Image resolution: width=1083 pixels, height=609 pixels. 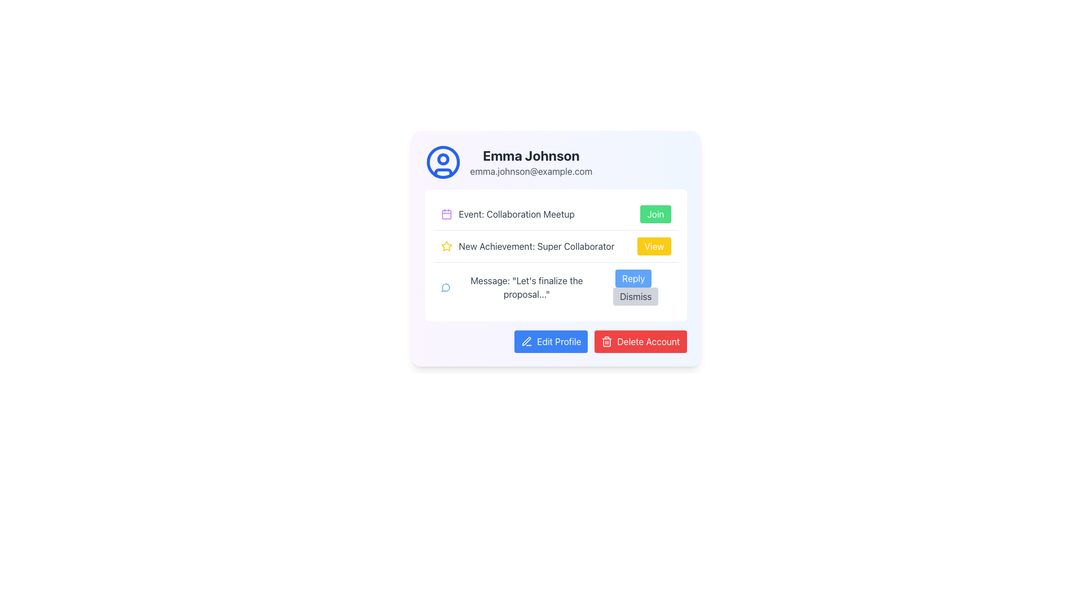 I want to click on the 'Dismiss' button located directly below the 'Reply' button, which is styled with a light-gray background and dark-gray text, so click(x=633, y=286).